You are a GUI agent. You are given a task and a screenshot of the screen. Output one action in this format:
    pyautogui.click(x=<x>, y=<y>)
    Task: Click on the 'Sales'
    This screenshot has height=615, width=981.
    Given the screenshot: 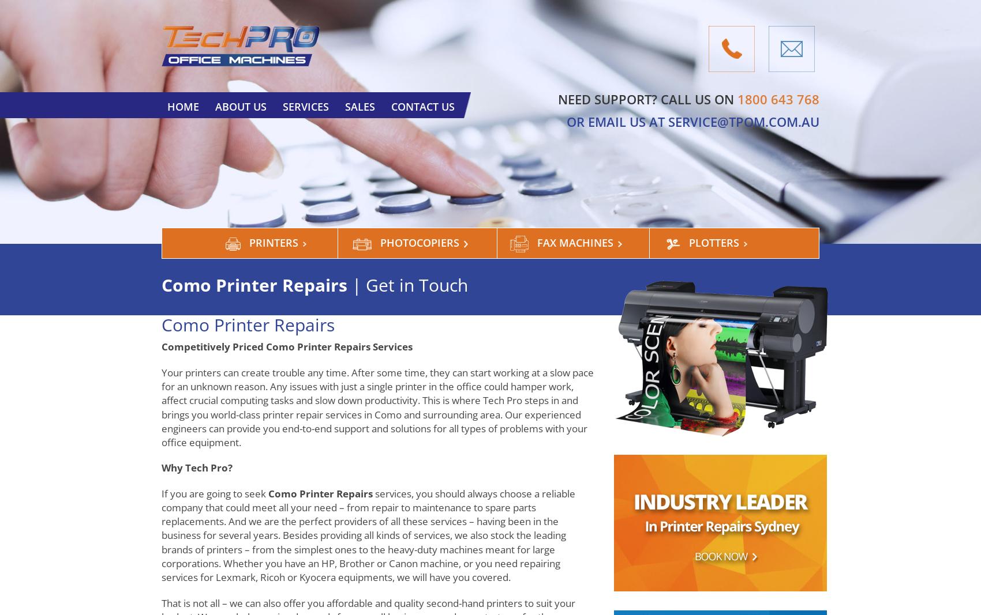 What is the action you would take?
    pyautogui.click(x=360, y=107)
    